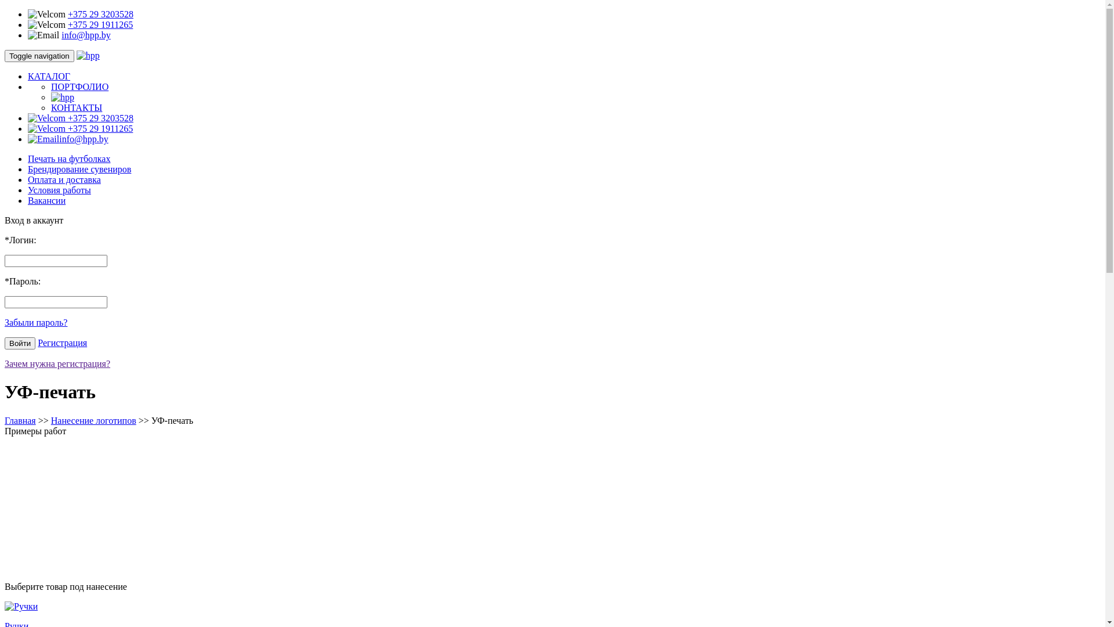 The height and width of the screenshot is (627, 1114). I want to click on 'Toggle navigation', so click(39, 56).